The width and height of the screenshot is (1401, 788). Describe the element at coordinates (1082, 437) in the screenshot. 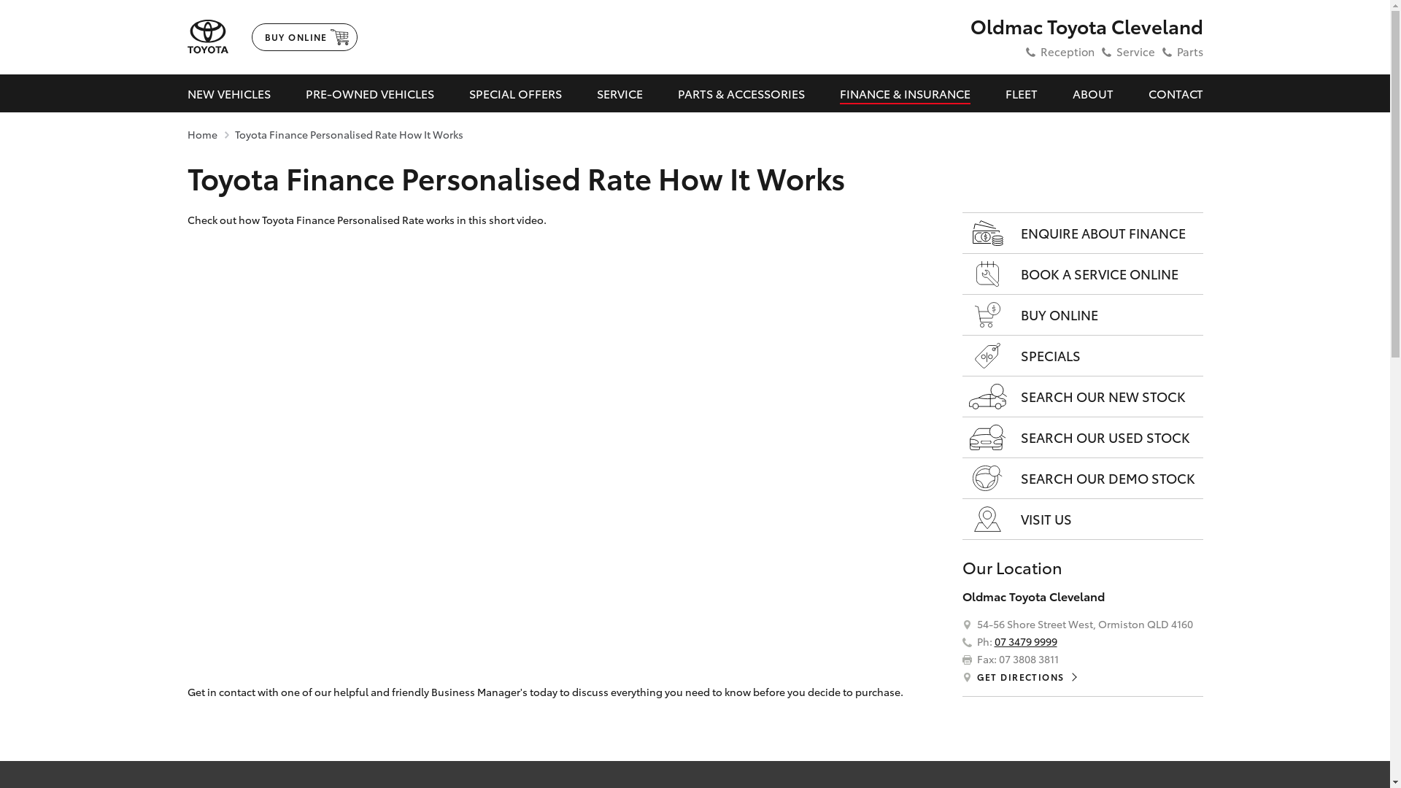

I see `'SEARCH OUR USED STOCK'` at that location.